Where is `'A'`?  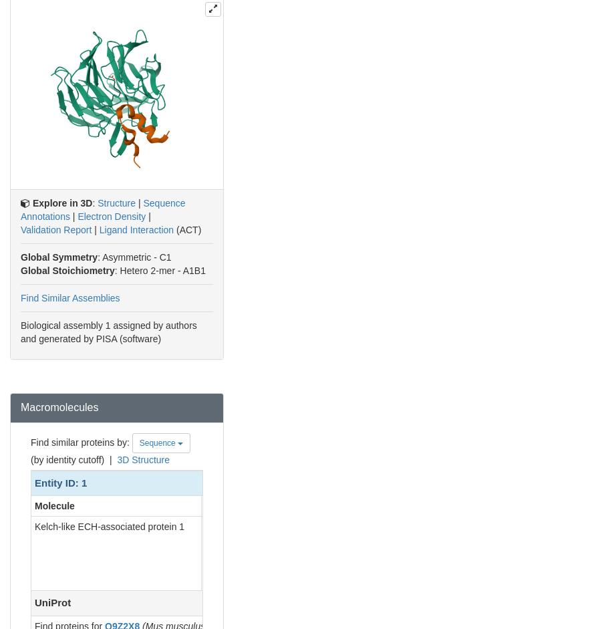 'A' is located at coordinates (206, 526).